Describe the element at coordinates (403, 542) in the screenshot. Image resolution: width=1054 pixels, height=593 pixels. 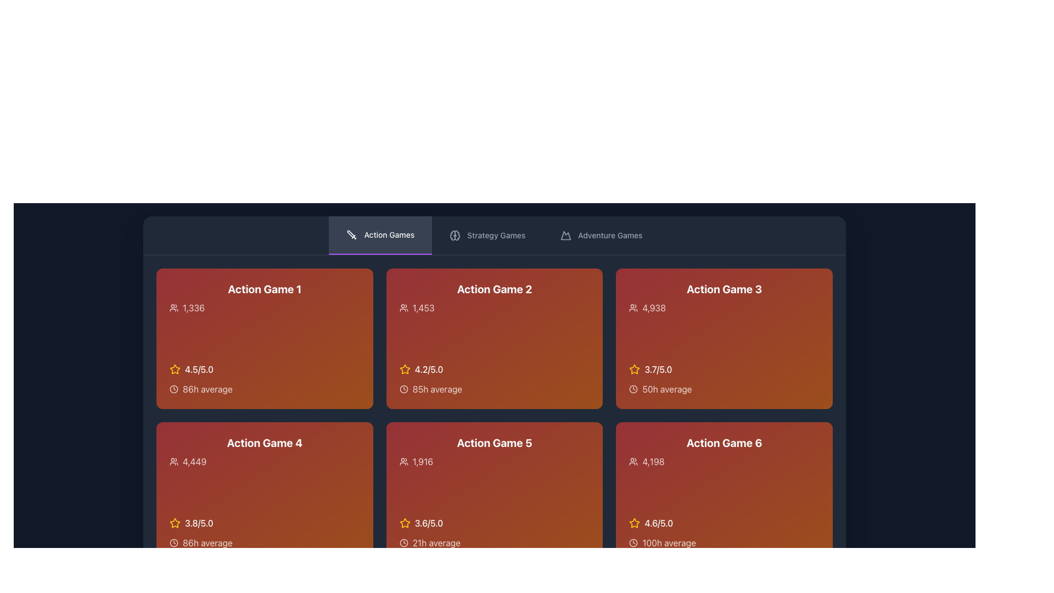
I see `the minimalist clock icon displayed within the text context of '21h average' in the middle-right card associated with the title 'Action Game 5'` at that location.